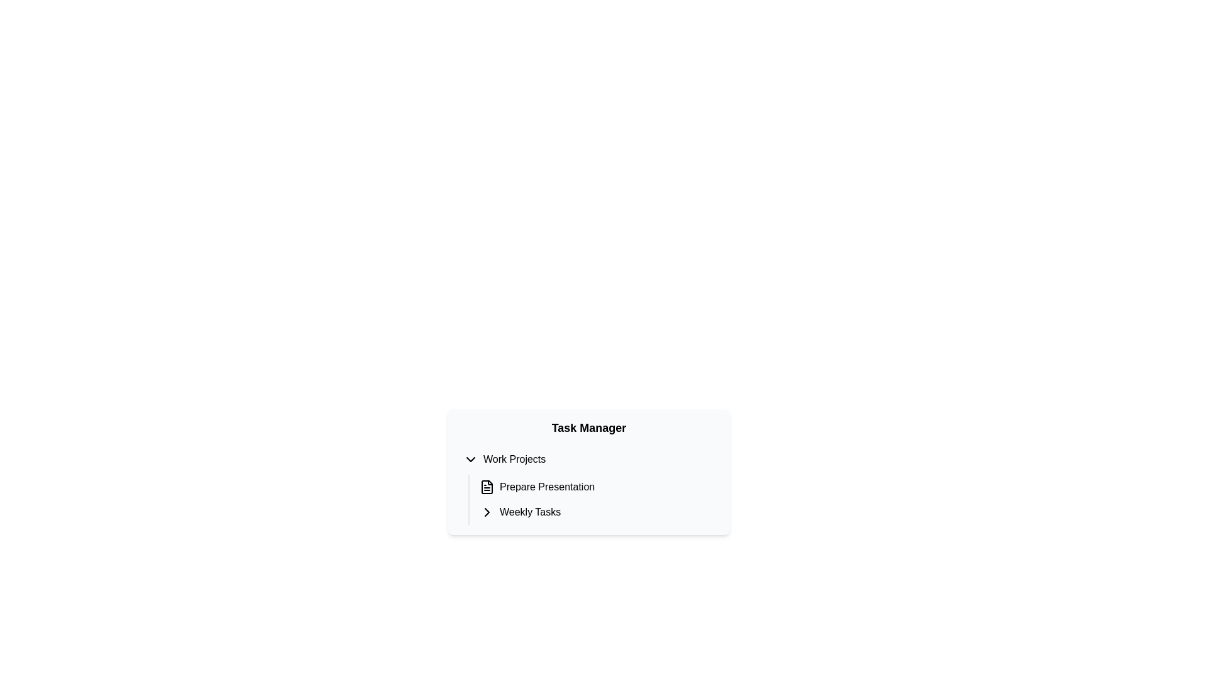  What do you see at coordinates (486, 512) in the screenshot?
I see `the chevron icon button` at bounding box center [486, 512].